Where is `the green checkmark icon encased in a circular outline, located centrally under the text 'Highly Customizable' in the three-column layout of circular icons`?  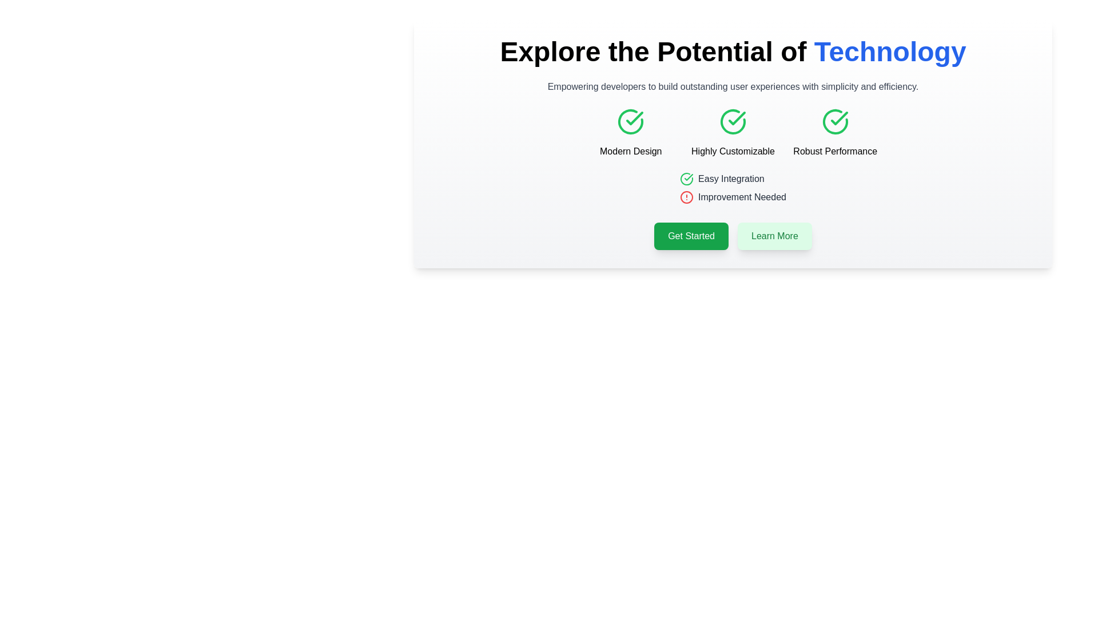 the green checkmark icon encased in a circular outline, located centrally under the text 'Highly Customizable' in the three-column layout of circular icons is located at coordinates (733, 121).